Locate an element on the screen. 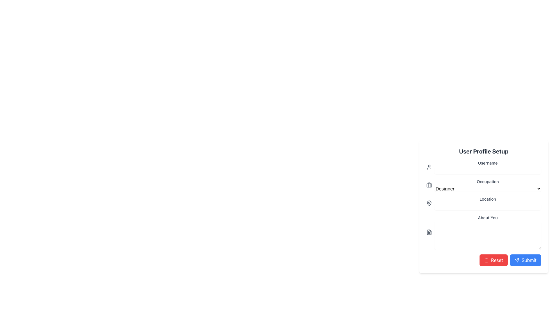  label text 'Username' from the Label with Icon that features a user's silhouette. This element is positioned under the 'User Profile Setup' section, above the 'Occupation' field is located at coordinates (484, 167).